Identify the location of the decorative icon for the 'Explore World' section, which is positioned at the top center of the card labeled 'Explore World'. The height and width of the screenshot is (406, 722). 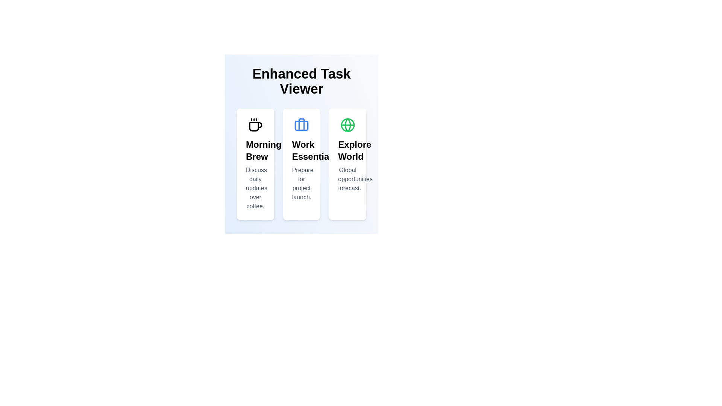
(347, 124).